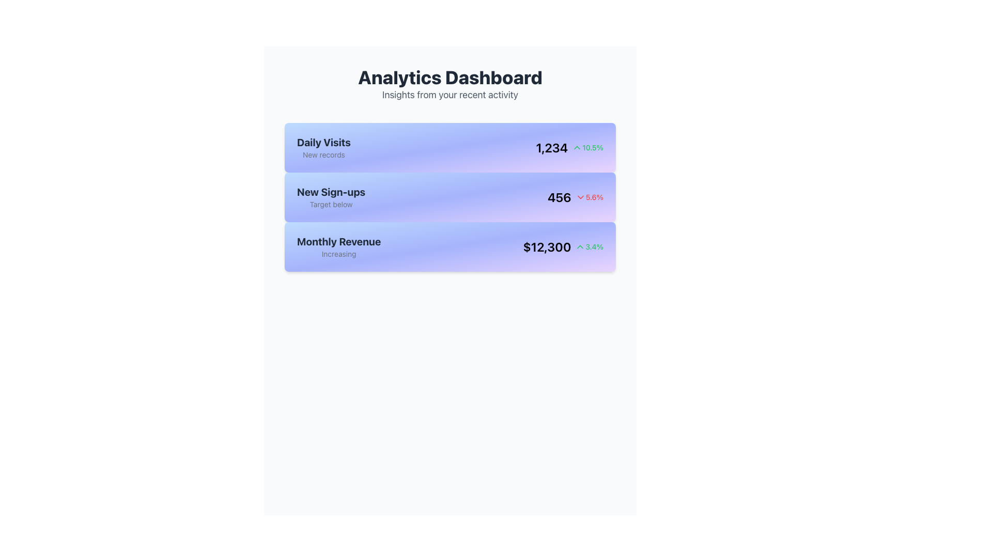 The image size is (992, 558). What do you see at coordinates (580, 247) in the screenshot?
I see `the positive indicator icon located to the left of the '3.4%' text within the 'Monthly Revenue' card` at bounding box center [580, 247].